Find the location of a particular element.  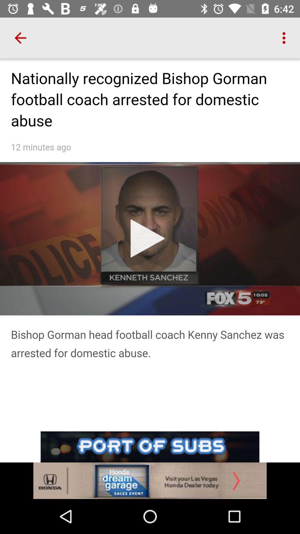

honda dealer advertisement is located at coordinates (150, 480).